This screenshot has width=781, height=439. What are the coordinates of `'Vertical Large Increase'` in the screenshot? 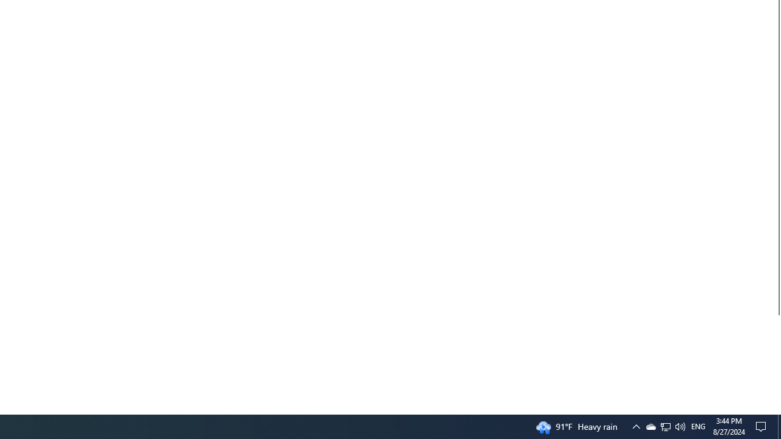 It's located at (776, 359).